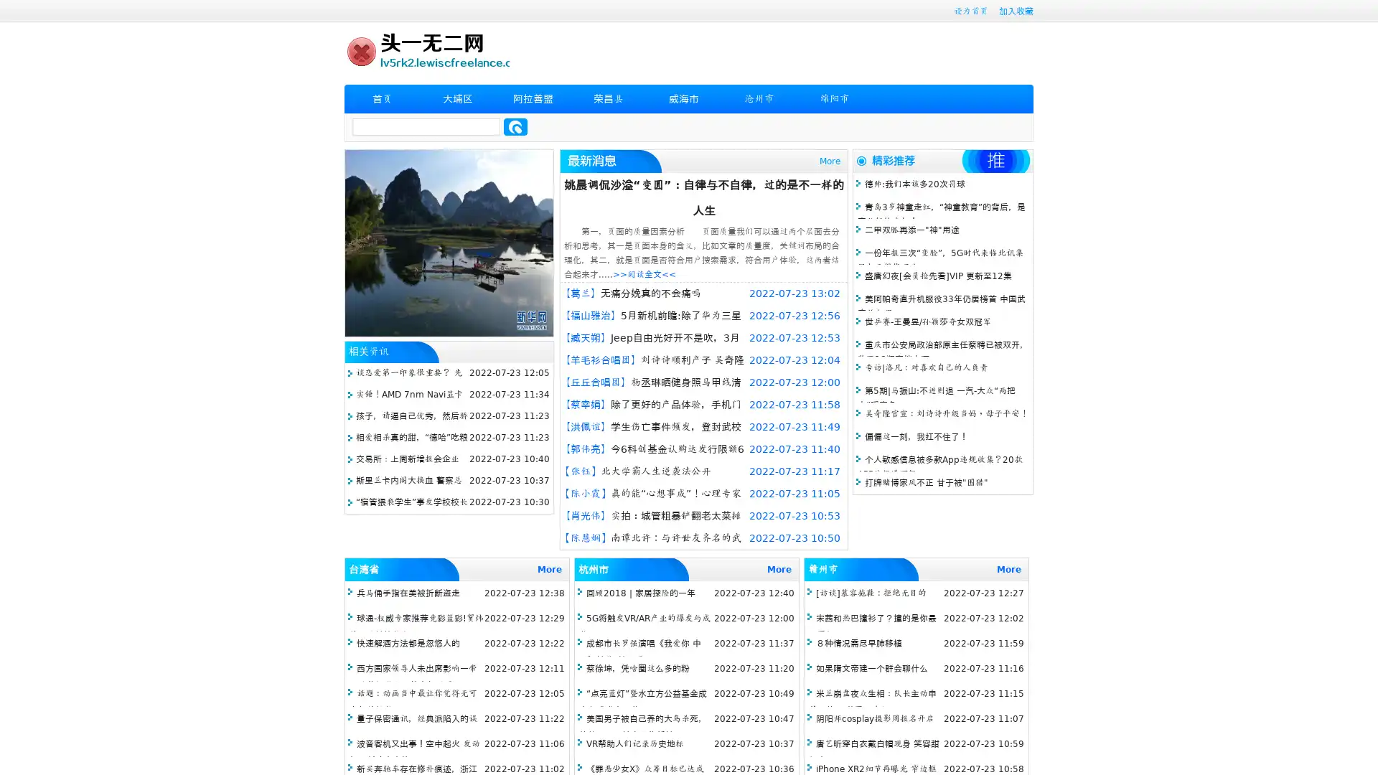 The width and height of the screenshot is (1378, 775). I want to click on Search, so click(515, 126).